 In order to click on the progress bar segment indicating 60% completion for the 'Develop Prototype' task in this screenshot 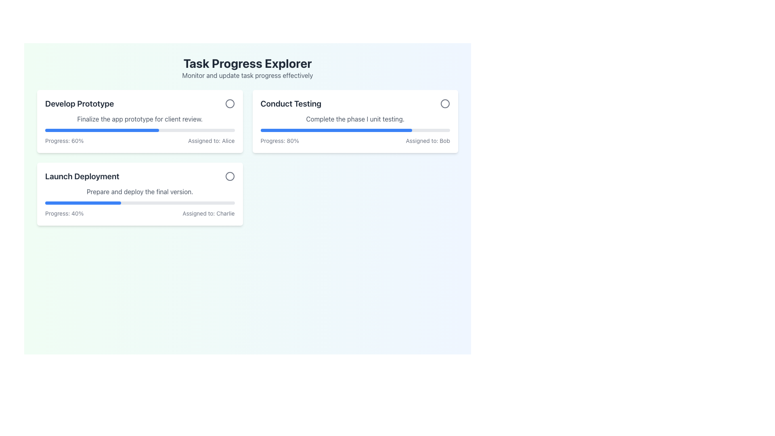, I will do `click(101, 130)`.